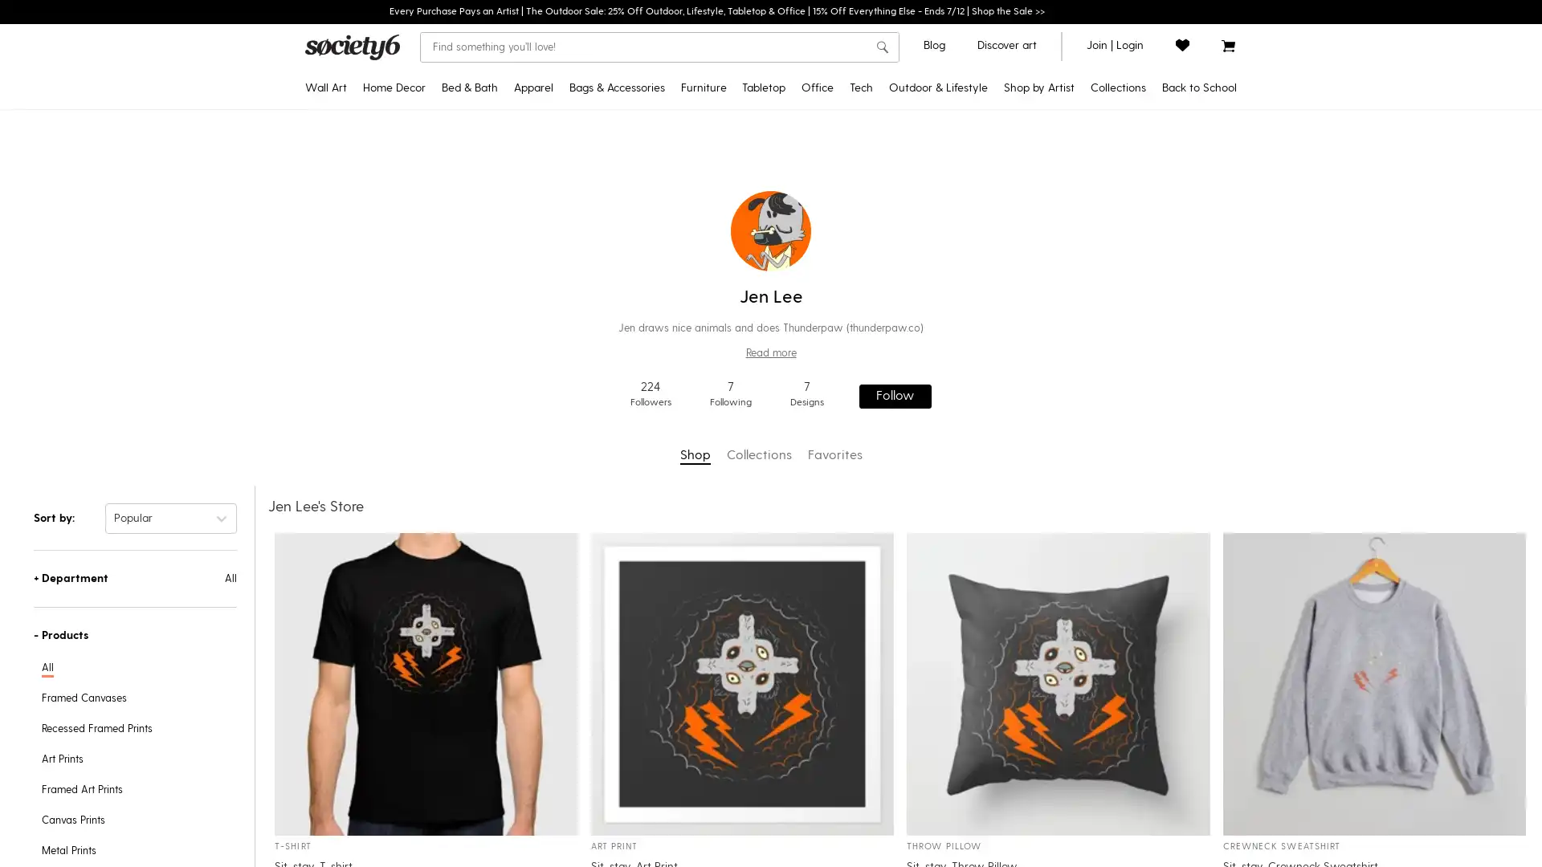 The image size is (1542, 867). Describe the element at coordinates (627, 257) in the screenshot. I see `Fanny Packs` at that location.